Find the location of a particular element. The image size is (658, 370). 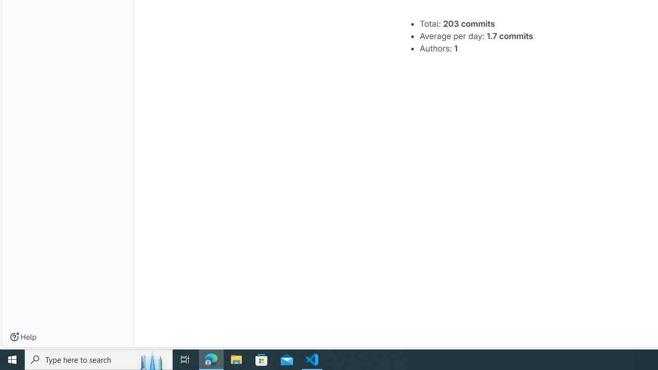

'Help' is located at coordinates (23, 337).